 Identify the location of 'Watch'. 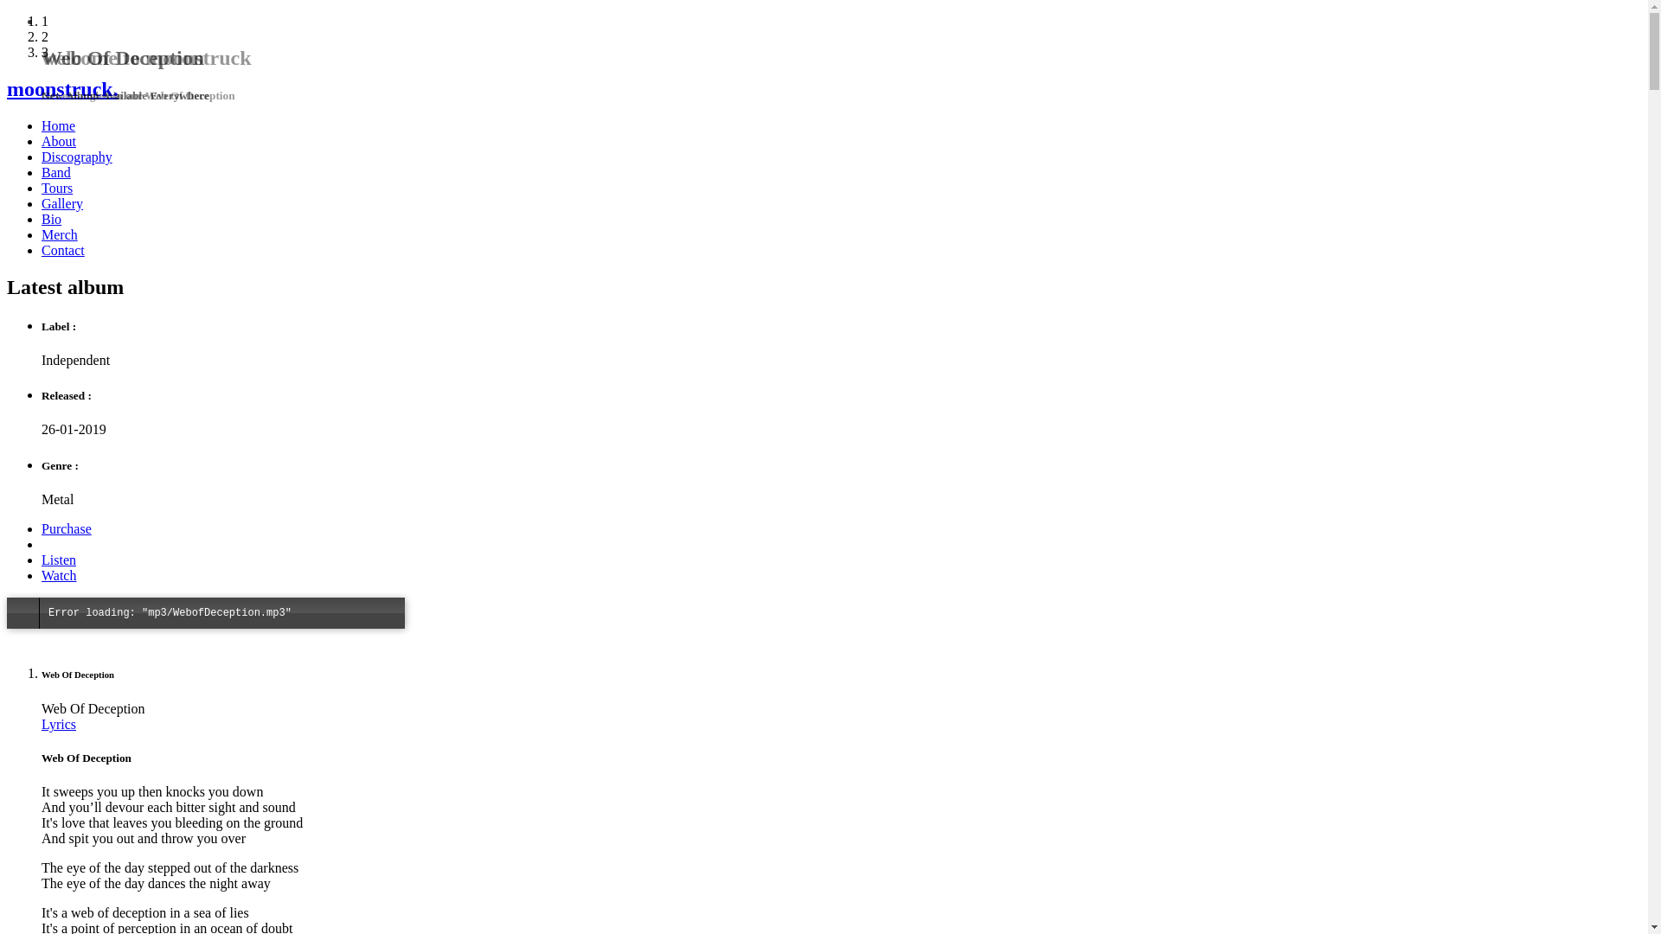
(58, 575).